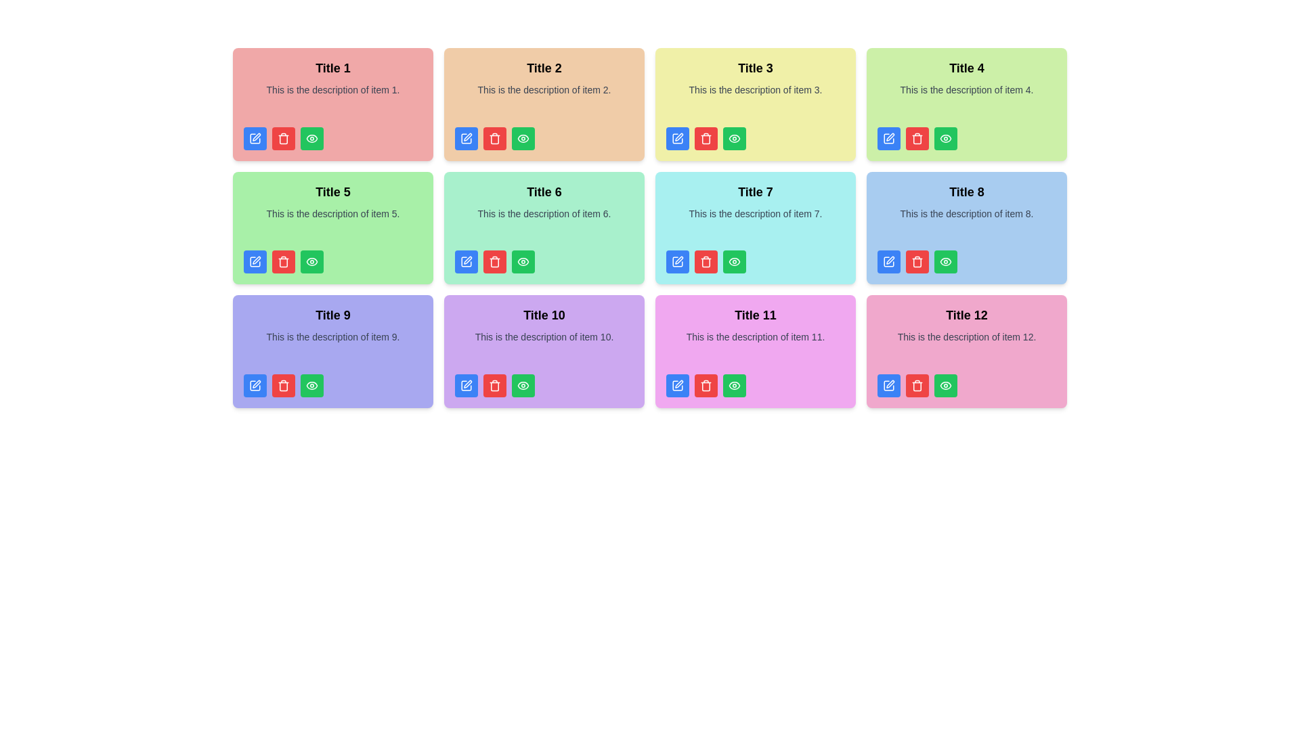 Image resolution: width=1300 pixels, height=731 pixels. Describe the element at coordinates (494, 386) in the screenshot. I see `the trash can part of the SVG icon, which is positioned at the bottom-middle of the 'trash can' SVG group, directly below the lid and above the curved top of the bin's body` at that location.